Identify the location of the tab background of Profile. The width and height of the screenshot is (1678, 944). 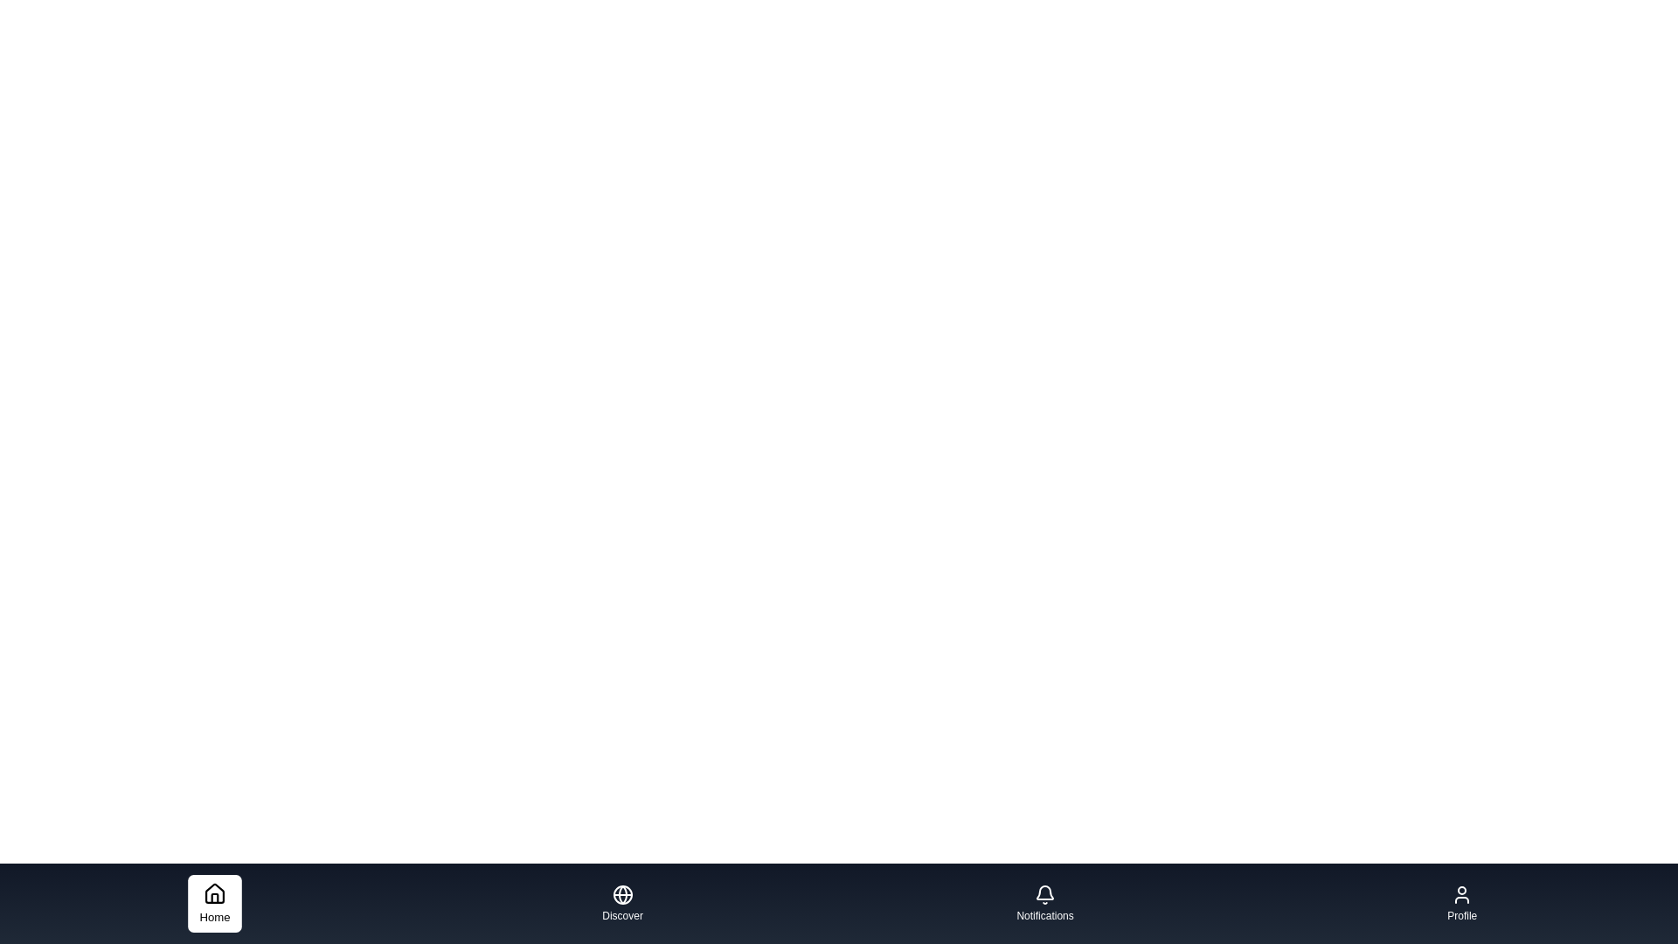
(1462, 903).